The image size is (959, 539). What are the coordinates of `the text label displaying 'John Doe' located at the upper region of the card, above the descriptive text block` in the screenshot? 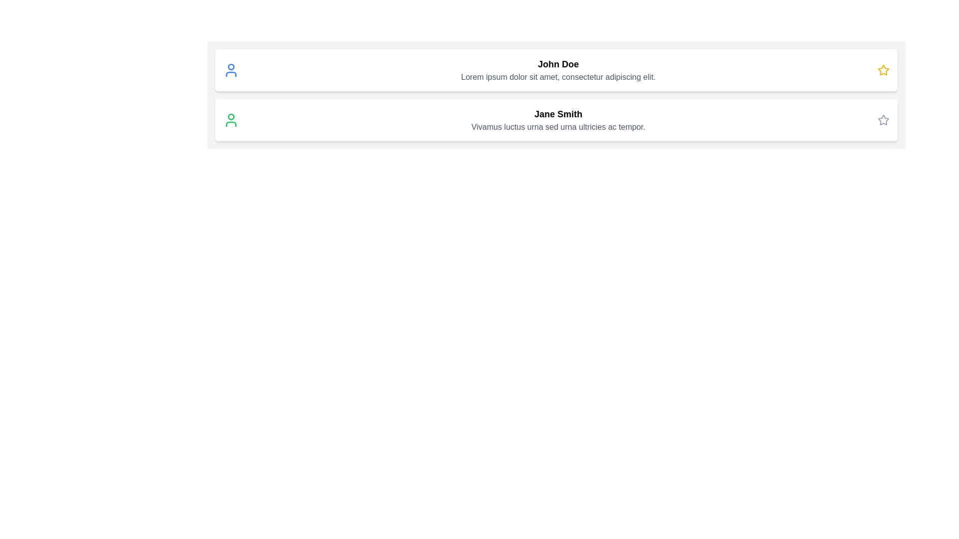 It's located at (558, 64).